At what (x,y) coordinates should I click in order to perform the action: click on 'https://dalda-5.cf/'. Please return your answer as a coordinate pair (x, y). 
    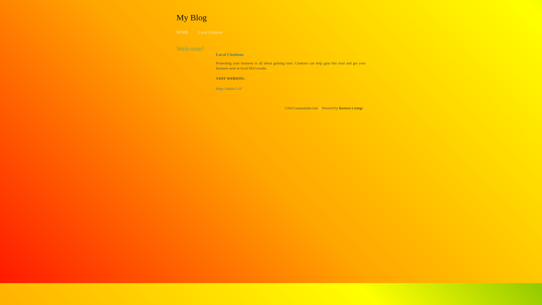
    Looking at the image, I should click on (229, 88).